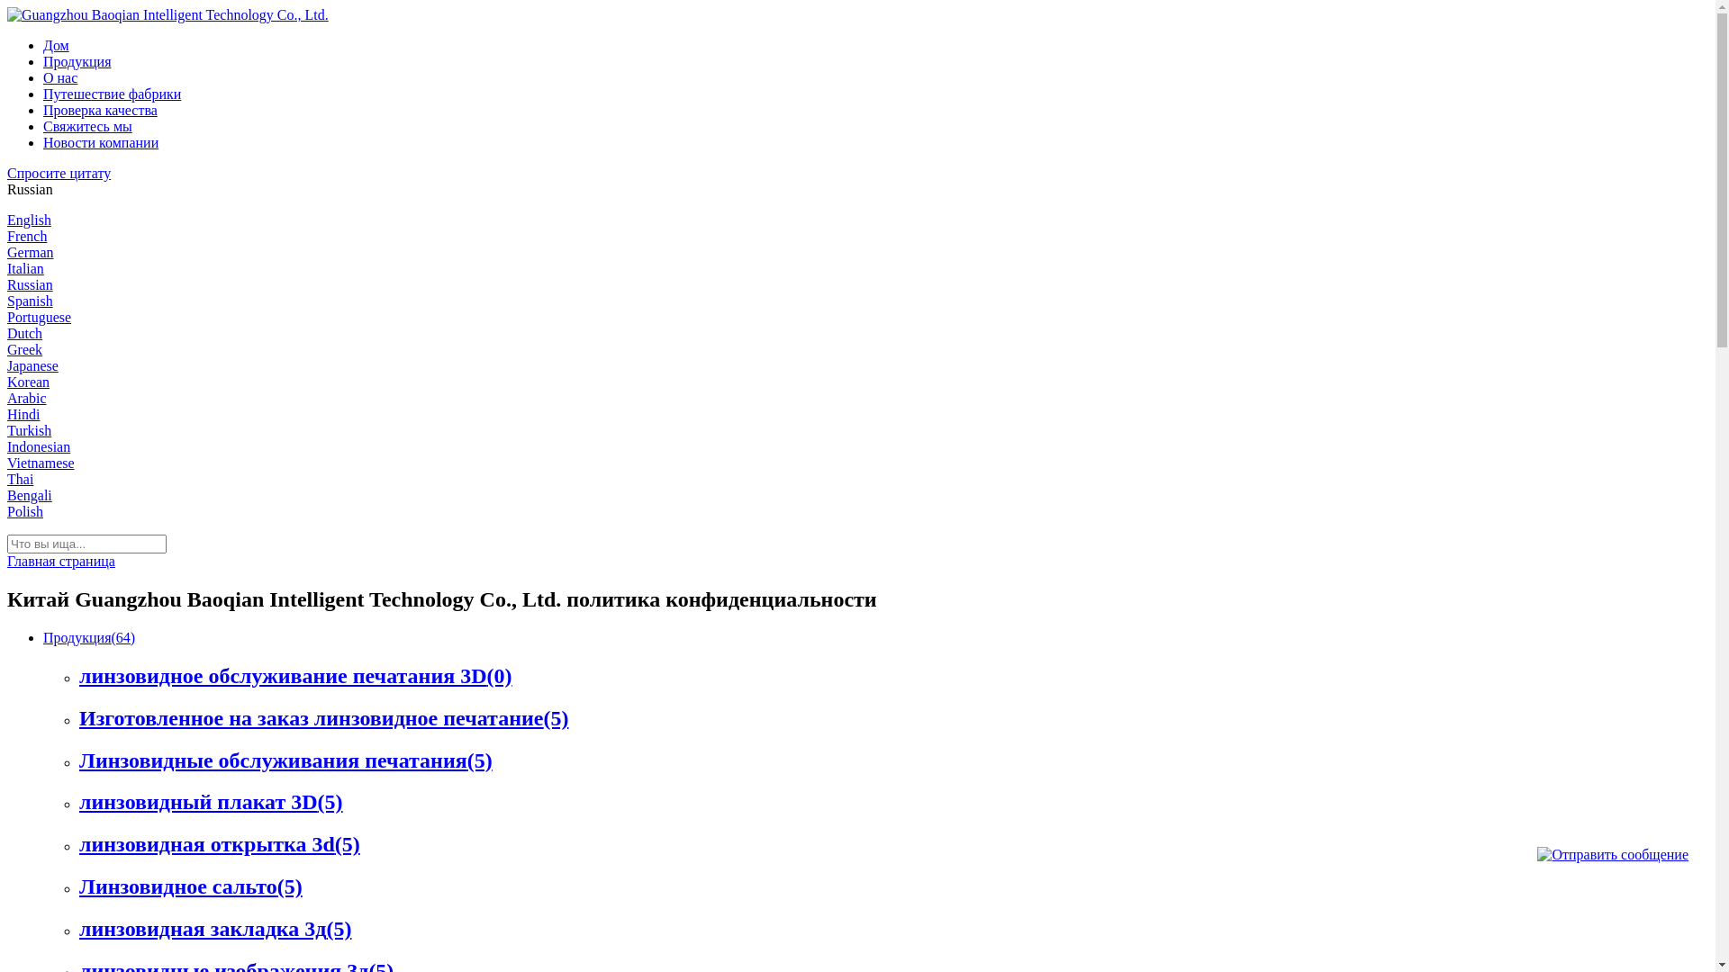 The image size is (1729, 972). What do you see at coordinates (20, 478) in the screenshot?
I see `'Thai'` at bounding box center [20, 478].